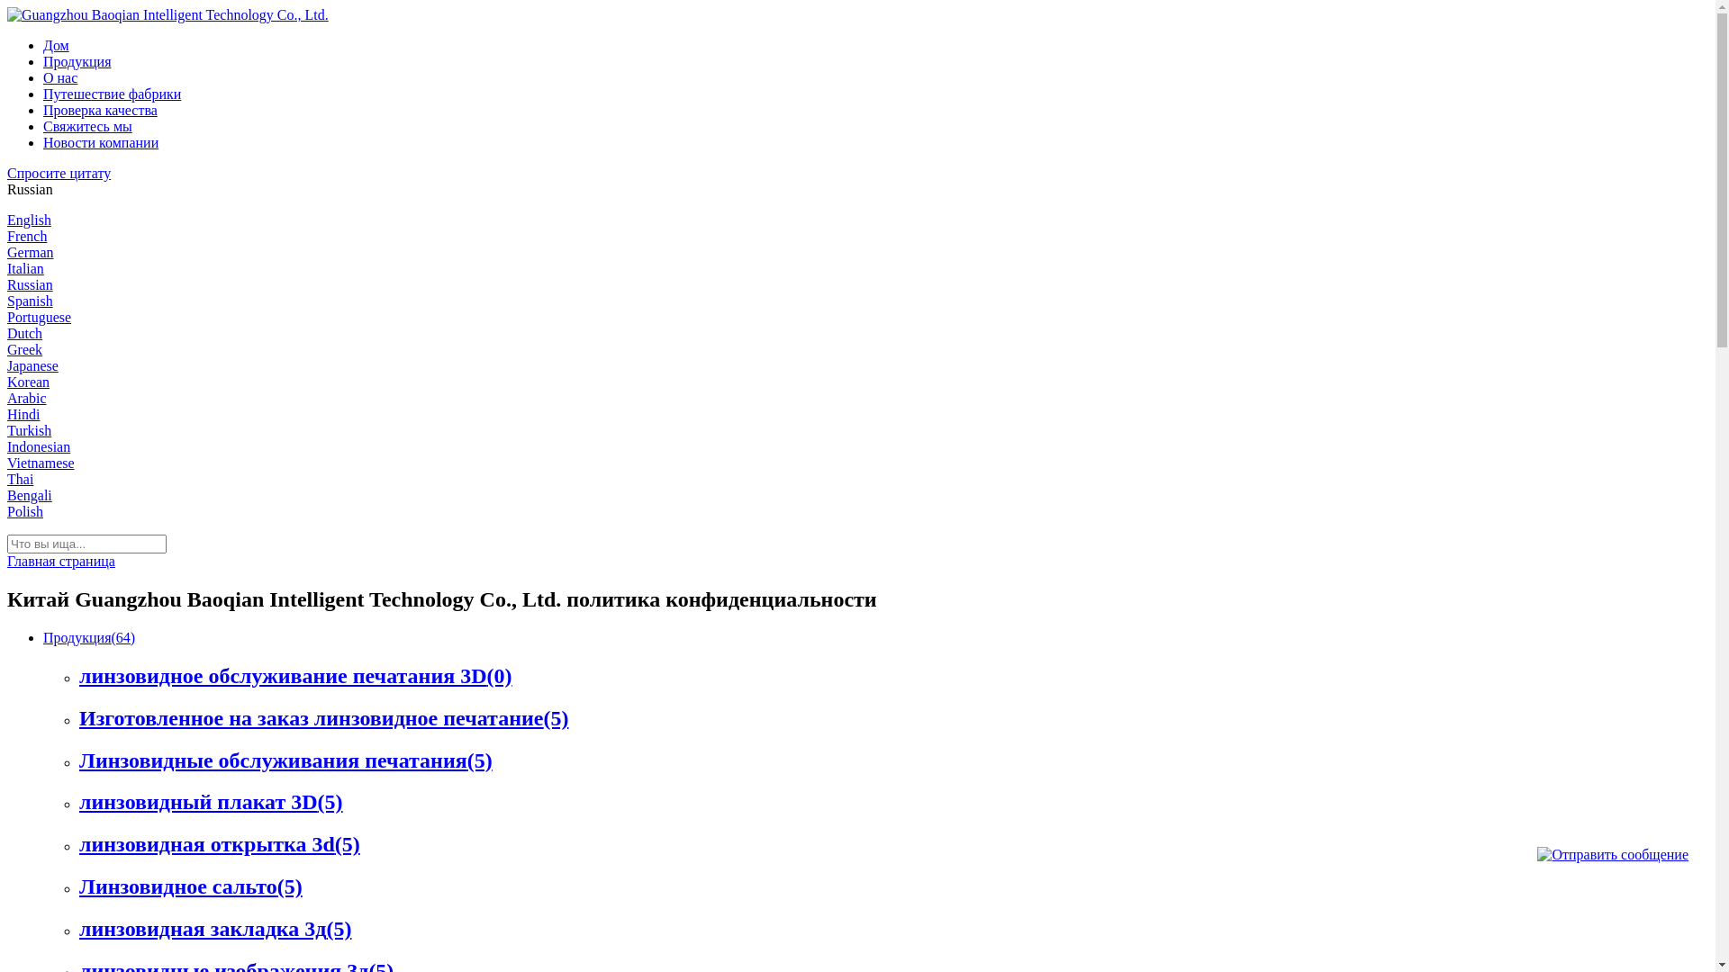 The image size is (1729, 972). What do you see at coordinates (20, 478) in the screenshot?
I see `'Thai'` at bounding box center [20, 478].